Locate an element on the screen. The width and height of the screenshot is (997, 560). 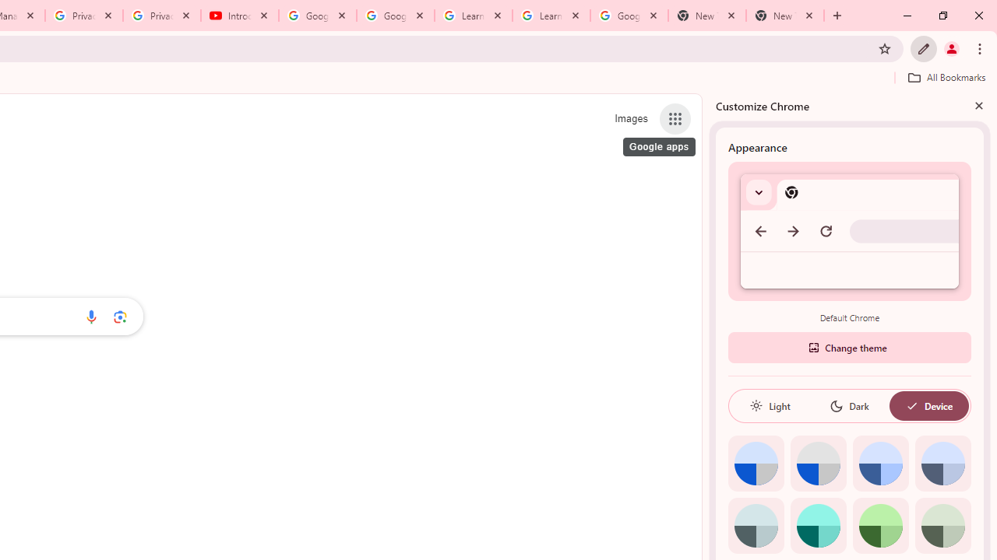
'Aqua' is located at coordinates (817, 525).